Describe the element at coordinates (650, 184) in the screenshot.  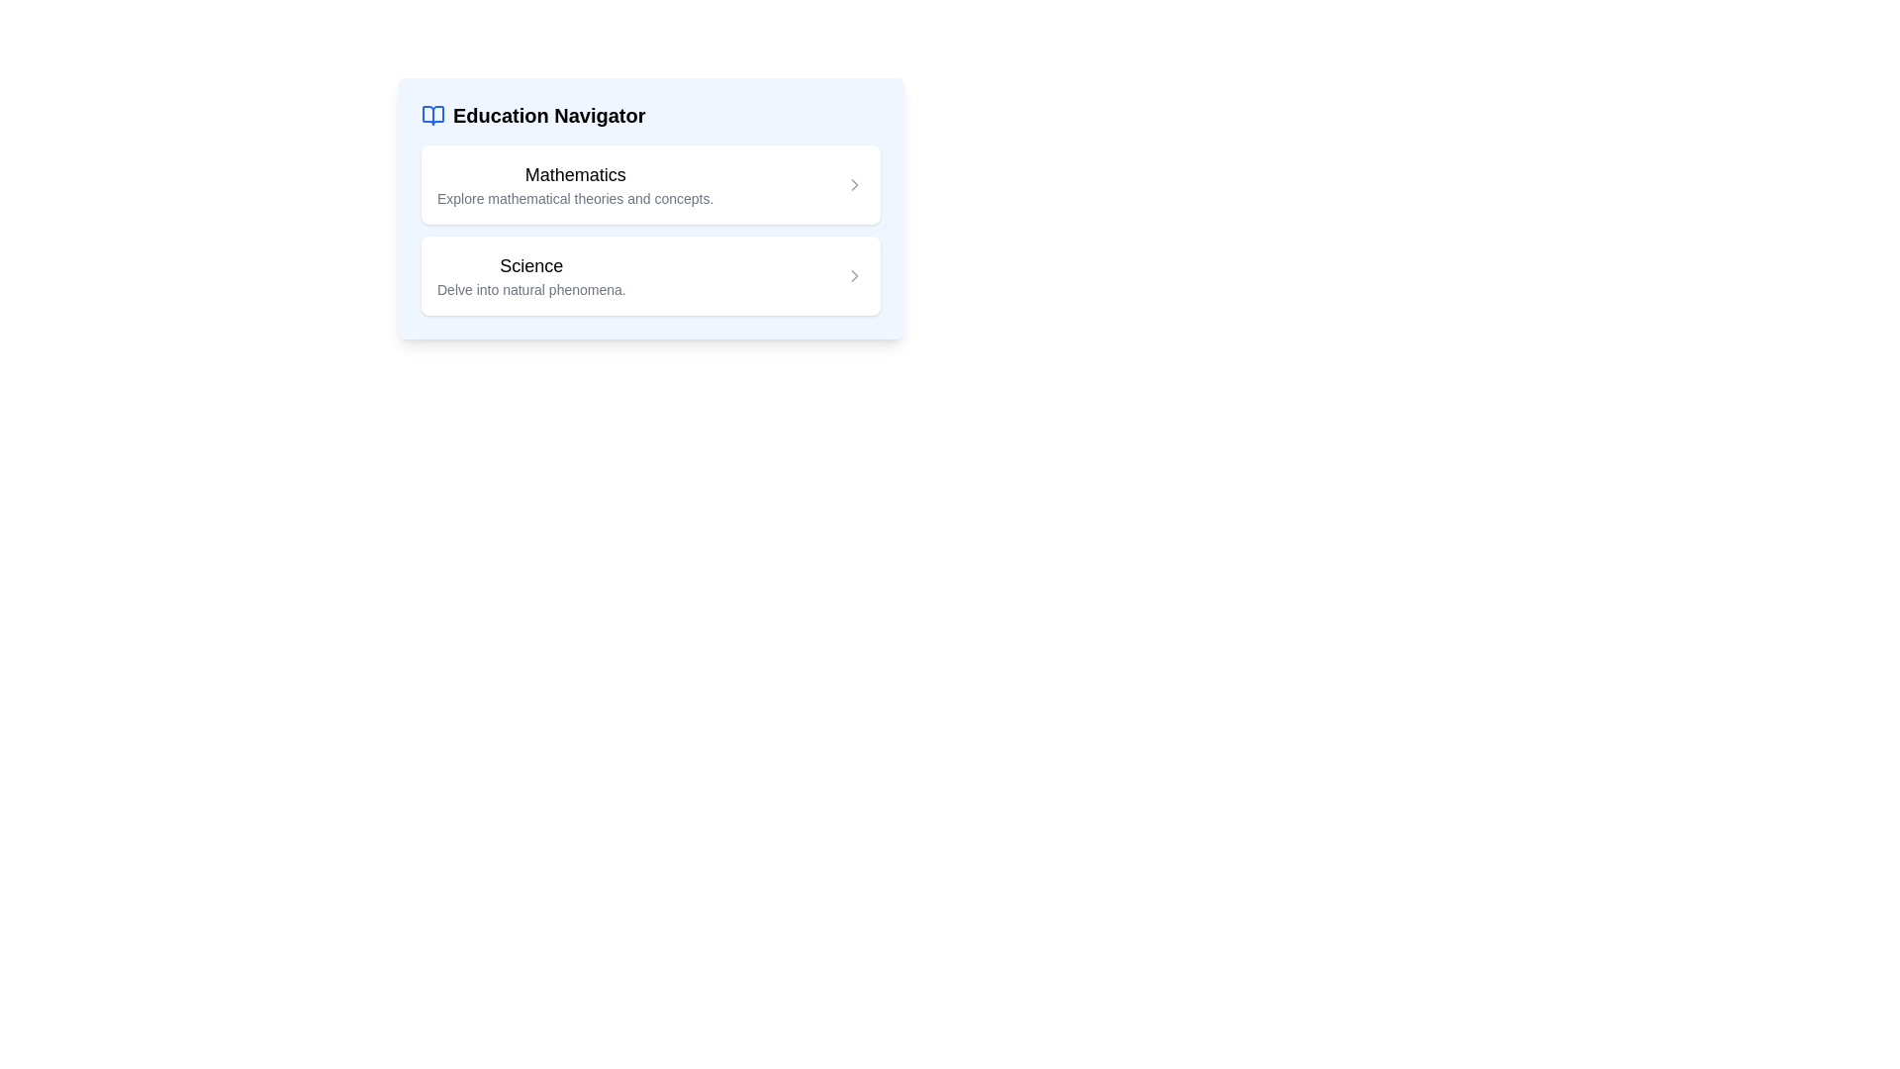
I see `the 'Mathematics' card, which is the first clickable card in the 'Education Navigator' list` at that location.